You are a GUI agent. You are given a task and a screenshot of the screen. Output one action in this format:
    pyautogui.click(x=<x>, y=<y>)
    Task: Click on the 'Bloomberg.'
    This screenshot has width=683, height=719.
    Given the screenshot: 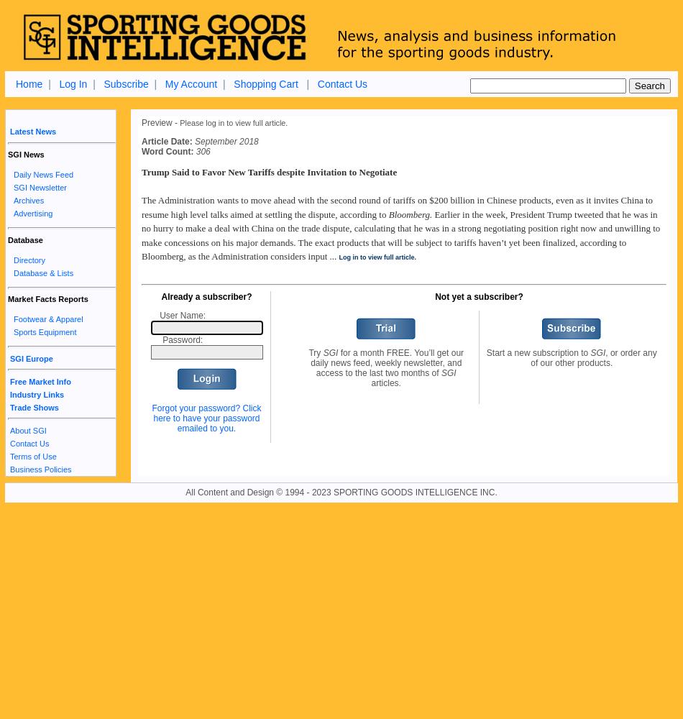 What is the action you would take?
    pyautogui.click(x=410, y=214)
    